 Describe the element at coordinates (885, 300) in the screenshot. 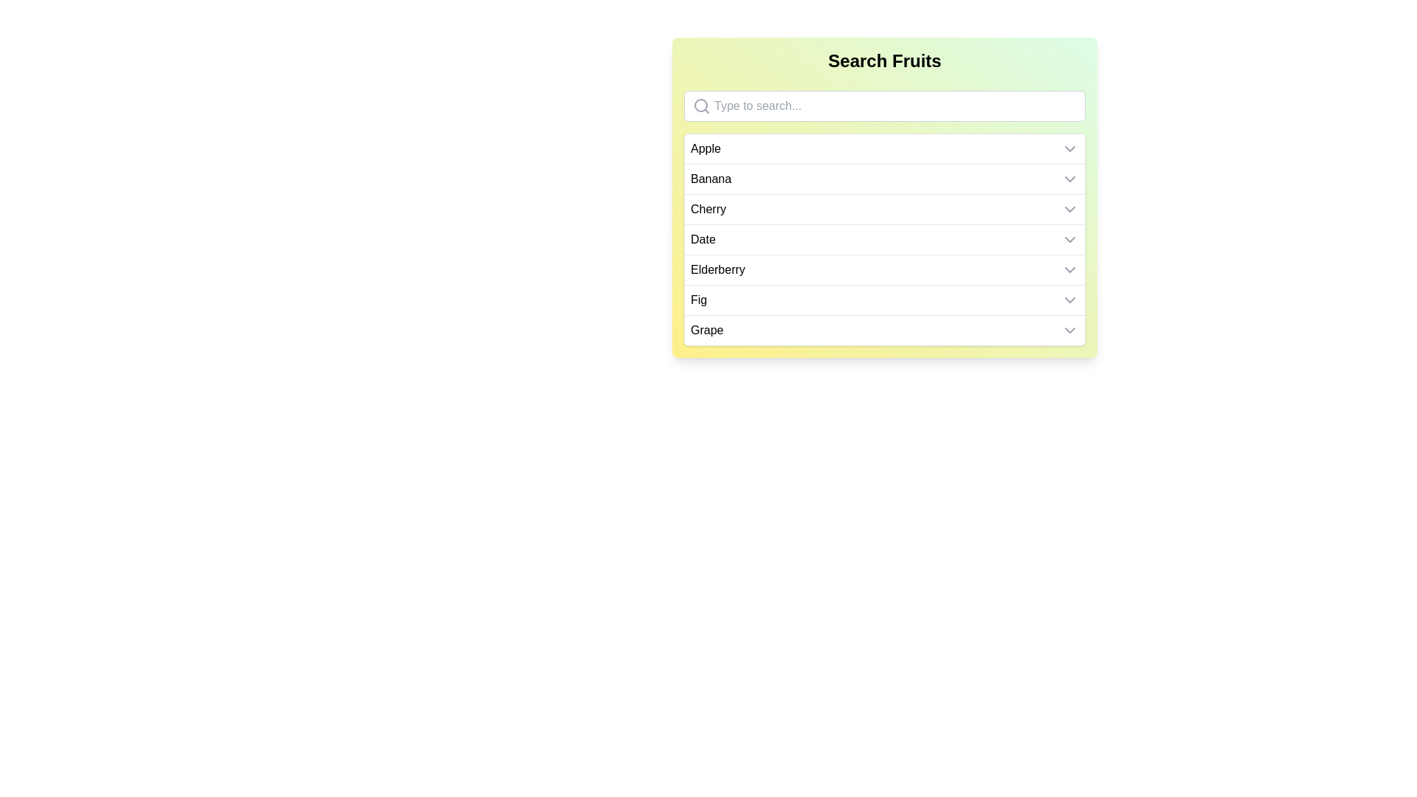

I see `the sixth item in the dropdown list representing 'Fig'` at that location.